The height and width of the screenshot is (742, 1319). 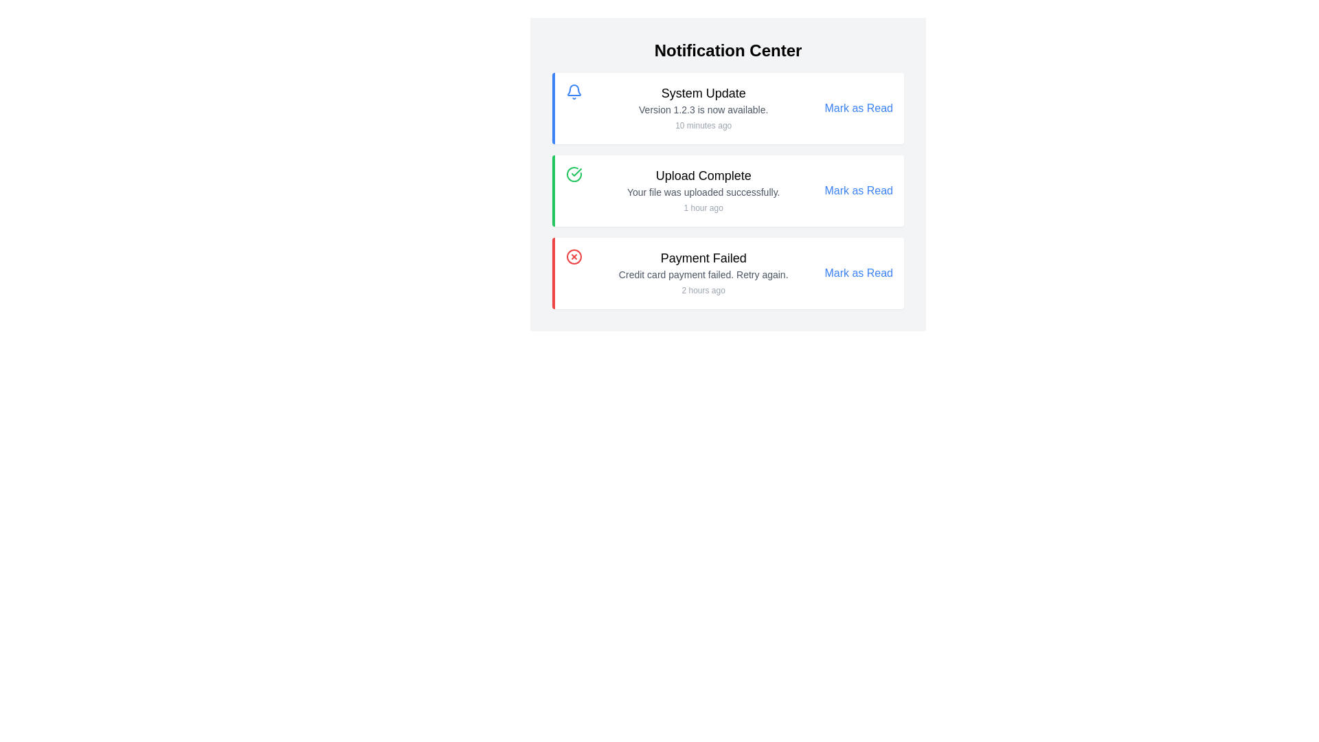 I want to click on the green circular icon with a checkmark symbol inside, which is located to the left of the text 'Upload Complete', so click(x=574, y=174).